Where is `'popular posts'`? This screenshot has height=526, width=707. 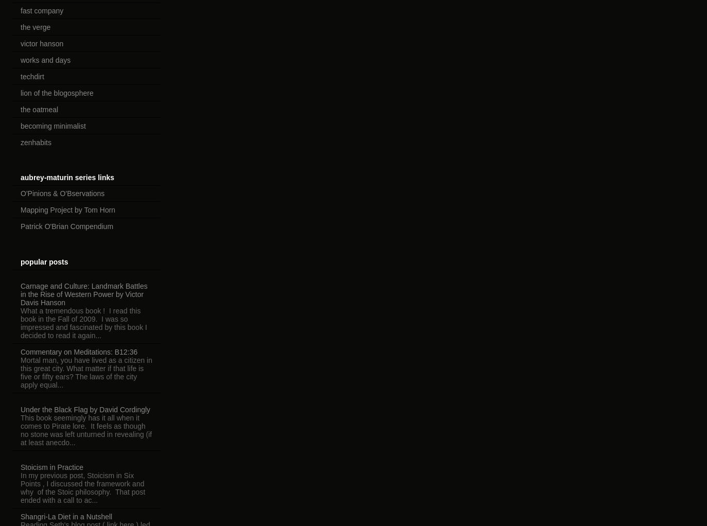 'popular posts' is located at coordinates (44, 261).